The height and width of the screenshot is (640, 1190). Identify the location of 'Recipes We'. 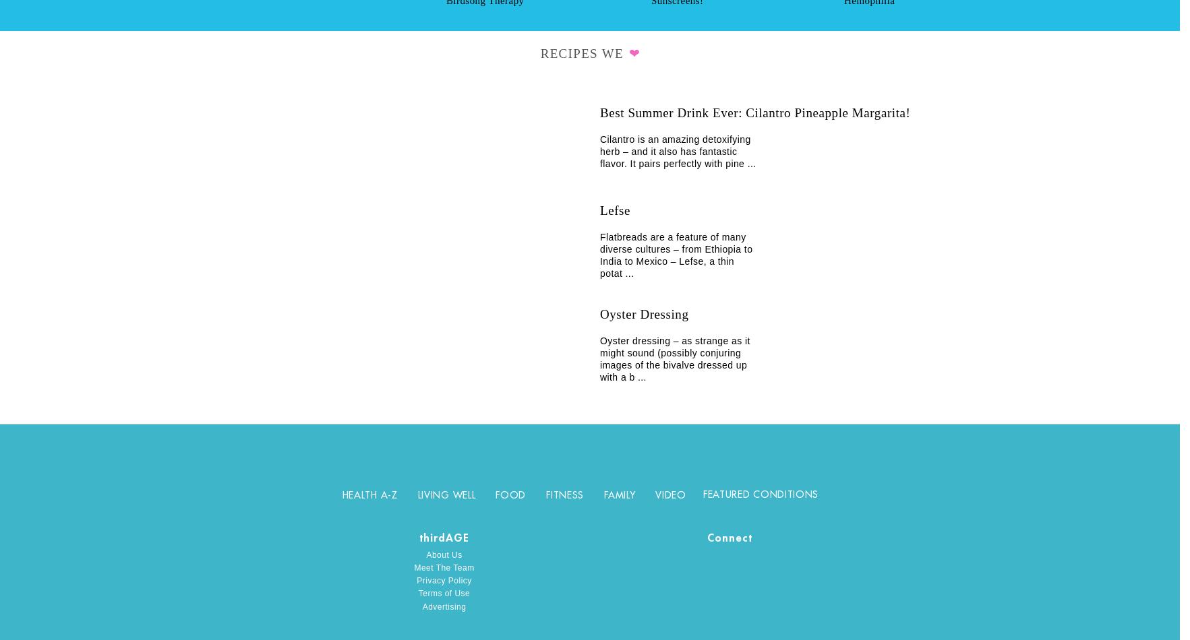
(583, 53).